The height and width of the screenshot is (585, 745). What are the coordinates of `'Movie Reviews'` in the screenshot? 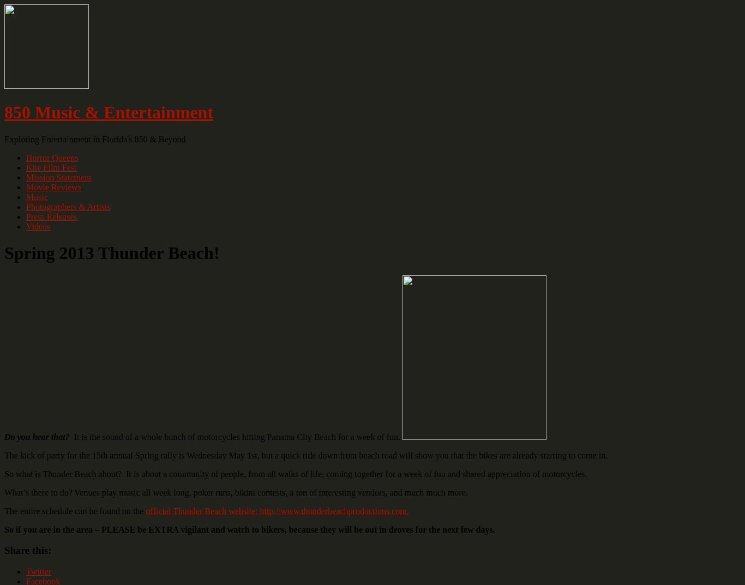 It's located at (53, 186).